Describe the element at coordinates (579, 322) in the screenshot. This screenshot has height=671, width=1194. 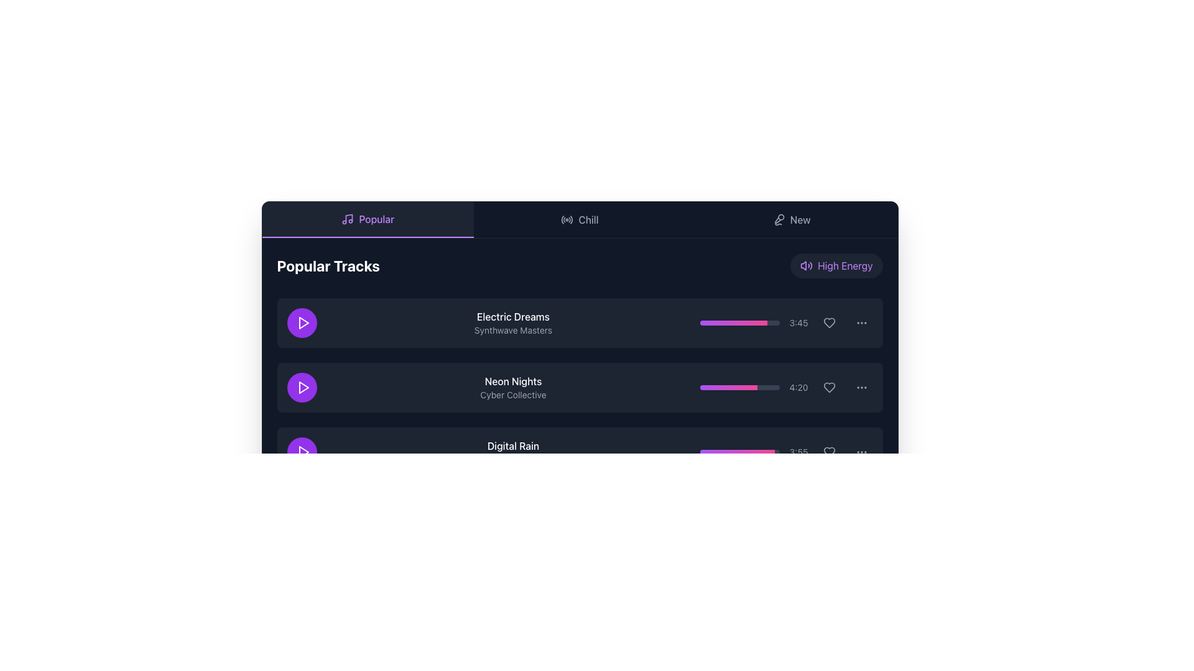
I see `the first music track item in the 'Popular Tracks' section` at that location.